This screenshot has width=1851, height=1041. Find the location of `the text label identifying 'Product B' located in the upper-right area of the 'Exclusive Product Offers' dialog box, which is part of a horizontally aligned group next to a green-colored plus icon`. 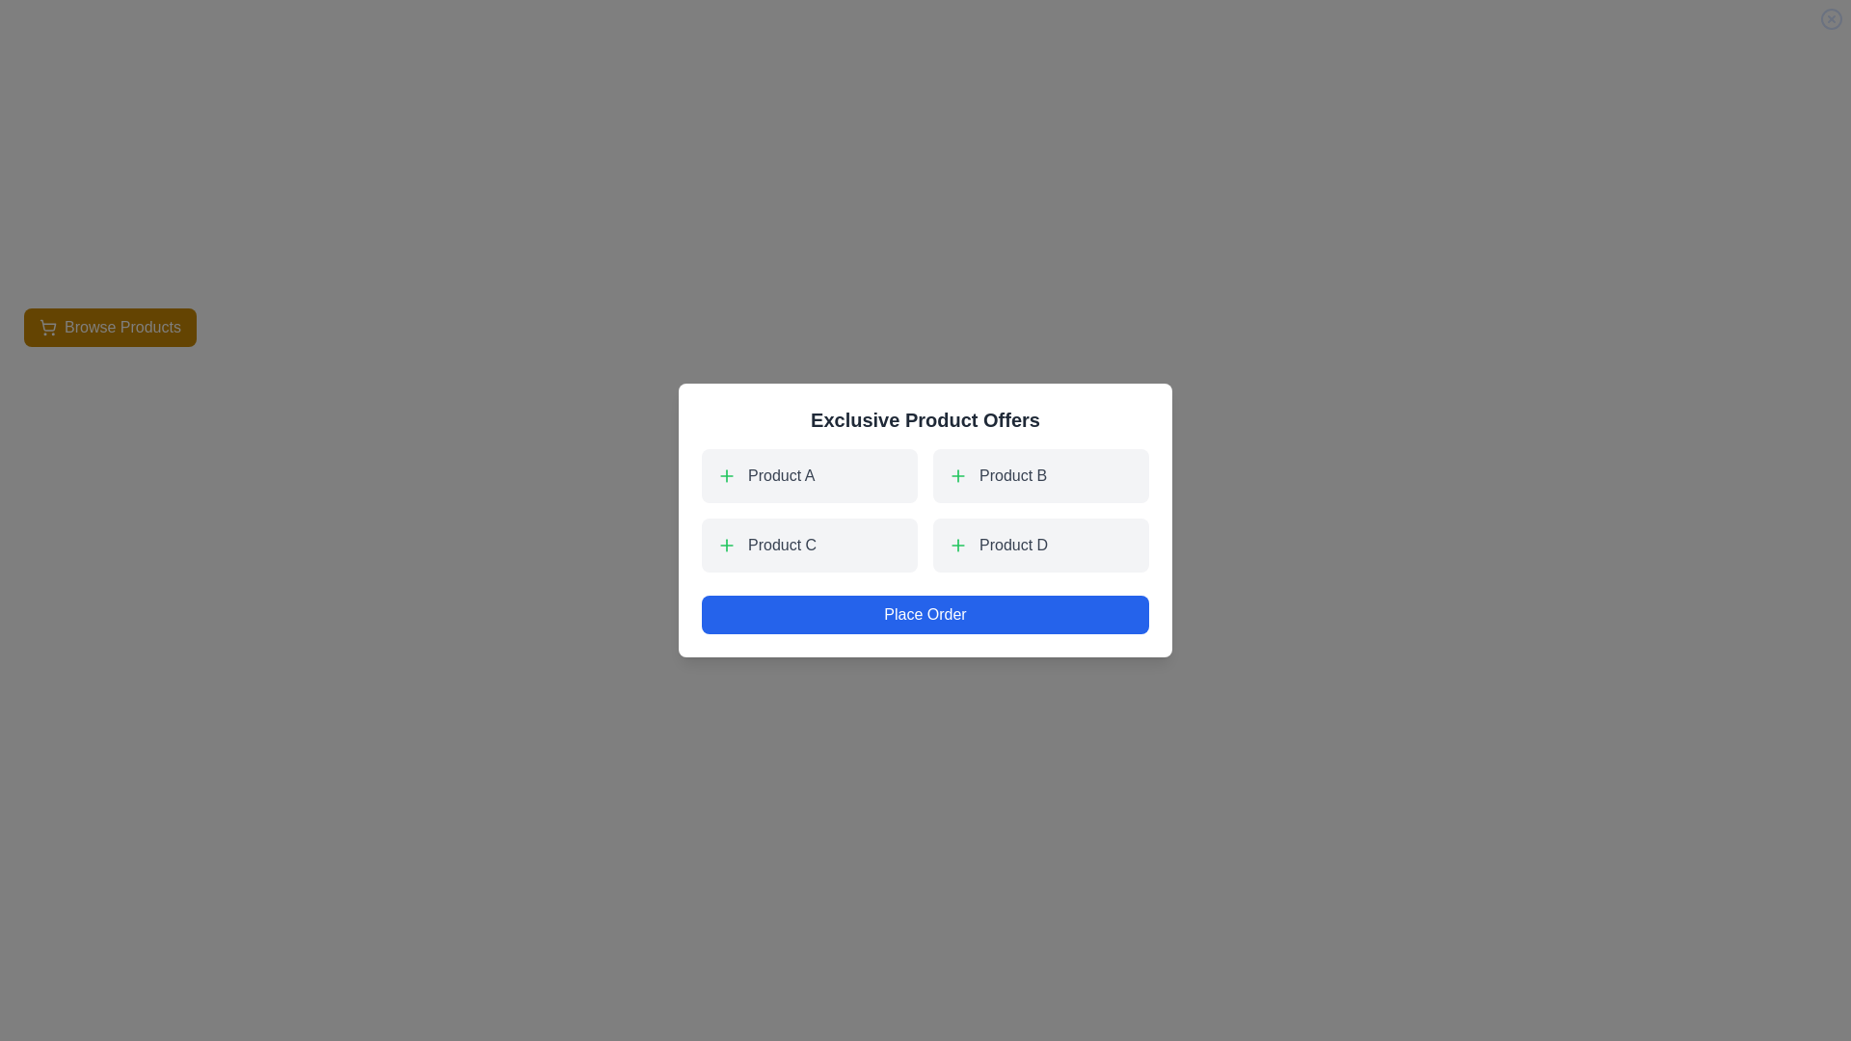

the text label identifying 'Product B' located in the upper-right area of the 'Exclusive Product Offers' dialog box, which is part of a horizontally aligned group next to a green-colored plus icon is located at coordinates (1012, 475).